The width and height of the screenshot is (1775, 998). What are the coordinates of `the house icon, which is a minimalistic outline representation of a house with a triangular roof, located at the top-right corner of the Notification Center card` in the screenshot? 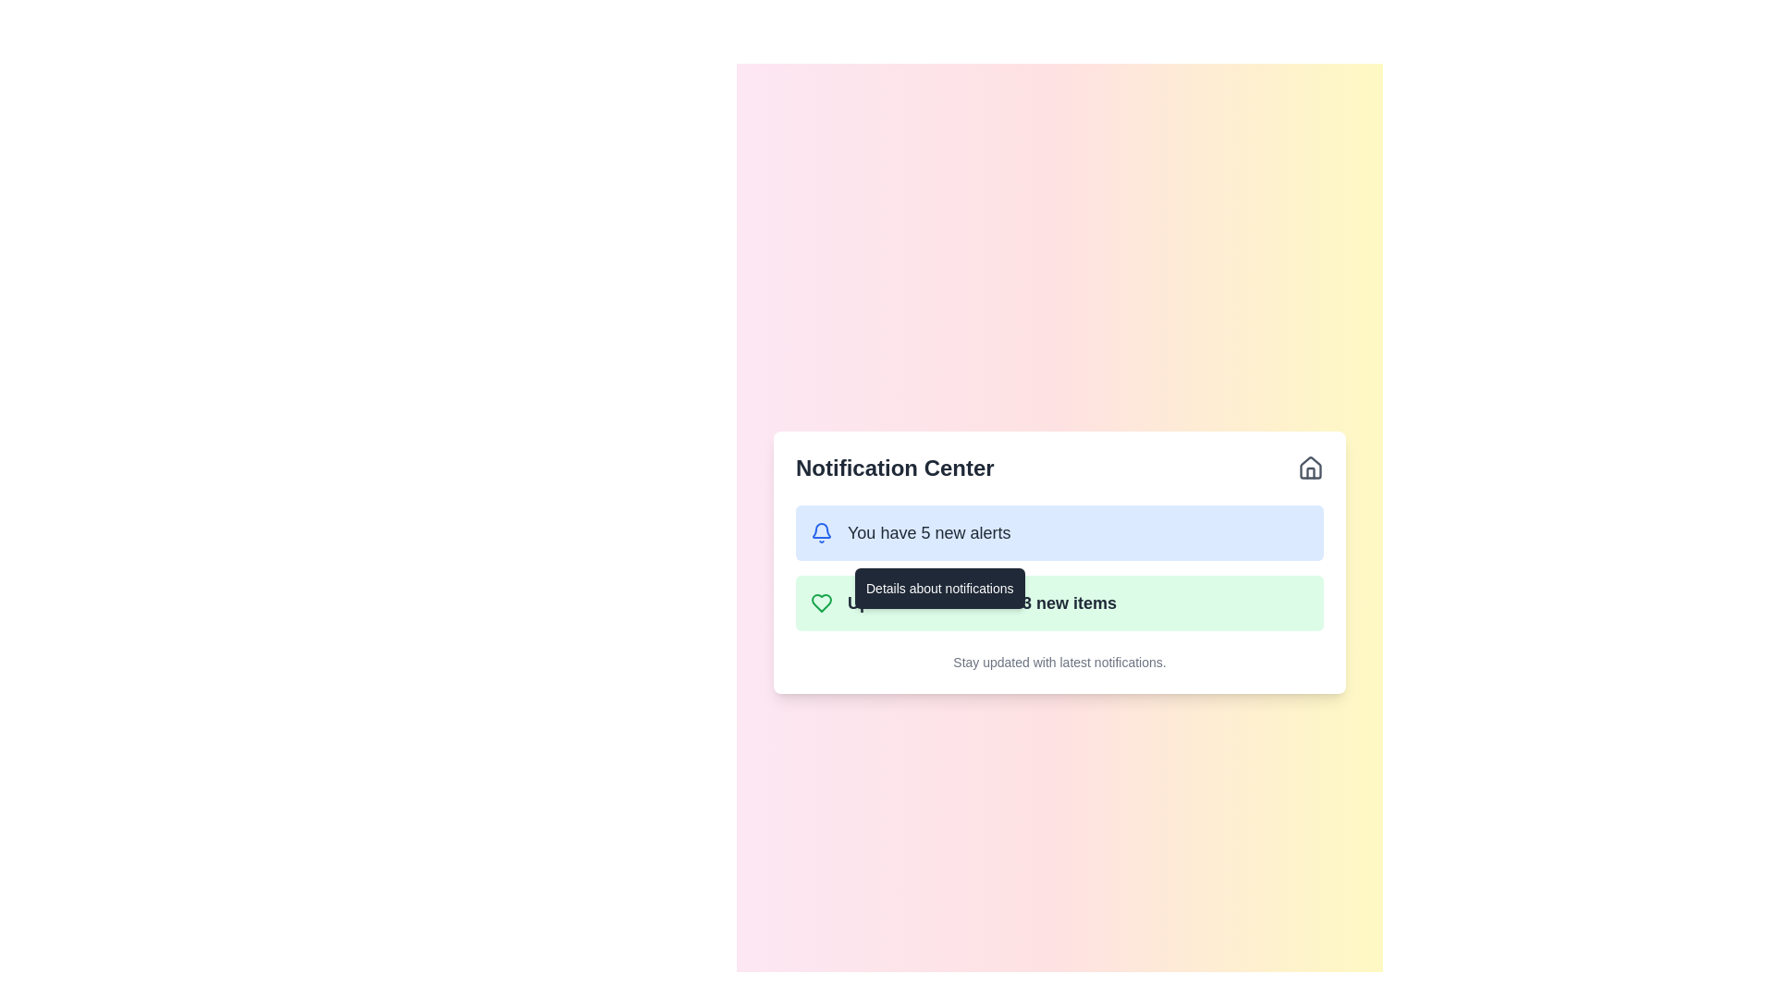 It's located at (1309, 466).